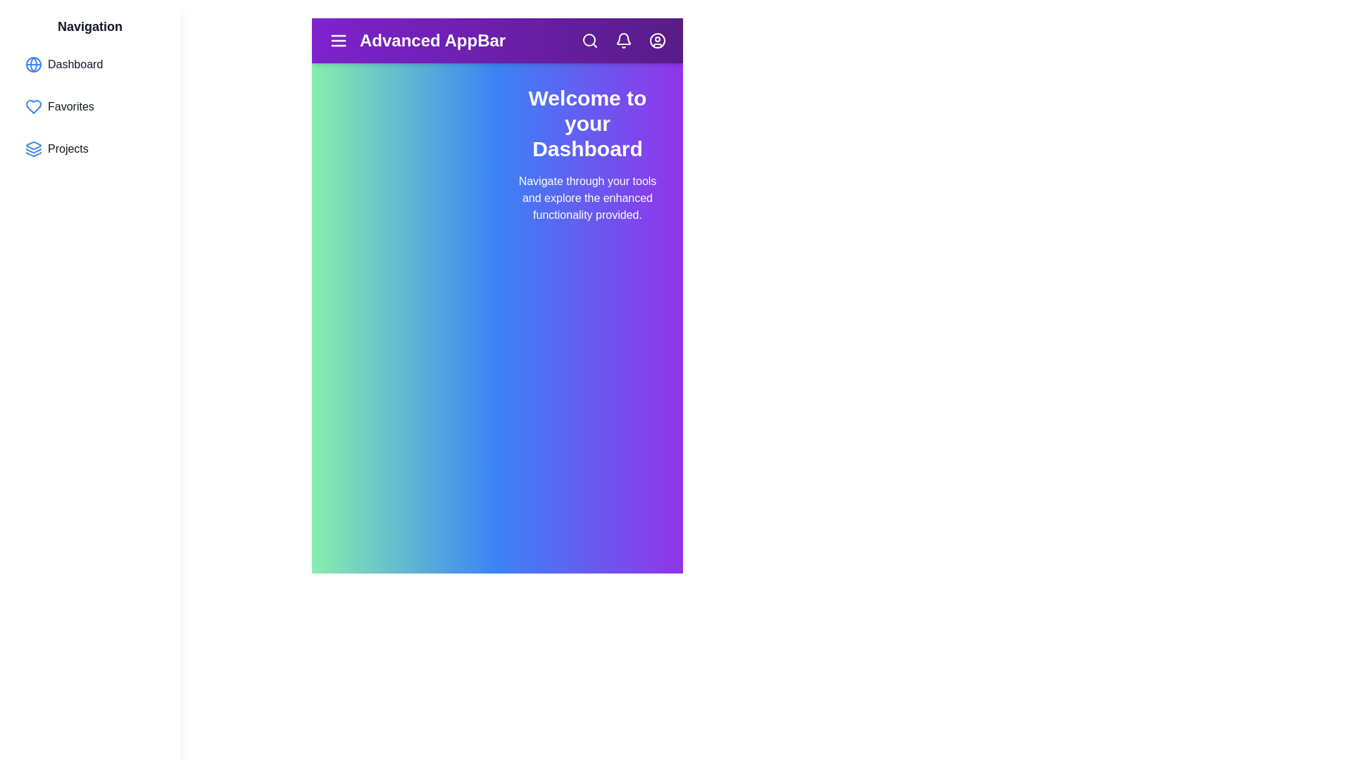 The image size is (1352, 760). What do you see at coordinates (338, 39) in the screenshot?
I see `the menu icon to toggle the visibility of the side menu` at bounding box center [338, 39].